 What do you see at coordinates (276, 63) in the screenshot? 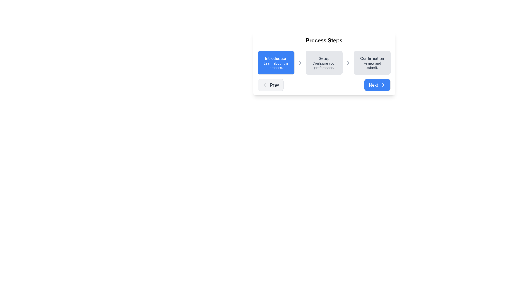
I see `the 'Introduction' navigation button located in the top-left corner of the options group` at bounding box center [276, 63].